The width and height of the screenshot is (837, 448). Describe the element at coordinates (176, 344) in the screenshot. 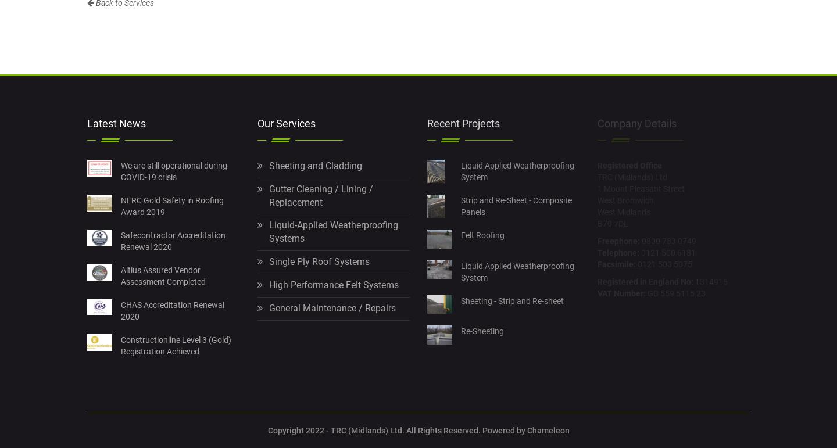

I see `'Constructionline Level 3 (Gold) Registration Achieved'` at that location.